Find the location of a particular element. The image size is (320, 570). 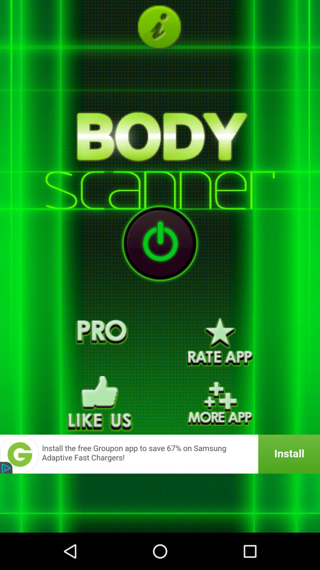

rate app is located at coordinates (220, 342).